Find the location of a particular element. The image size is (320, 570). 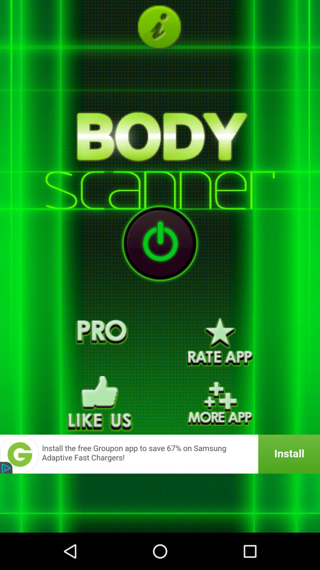

rate app is located at coordinates (220, 342).